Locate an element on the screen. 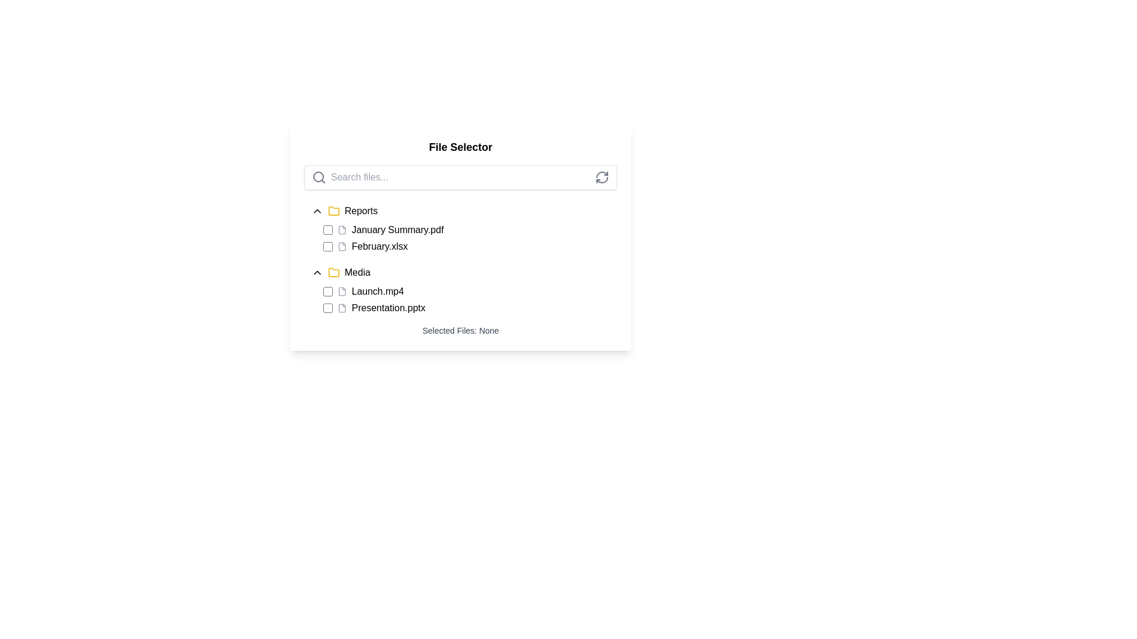  the small file document icon with a gray outline located next to the text 'February.xlsx' in the file list is located at coordinates (341, 246).